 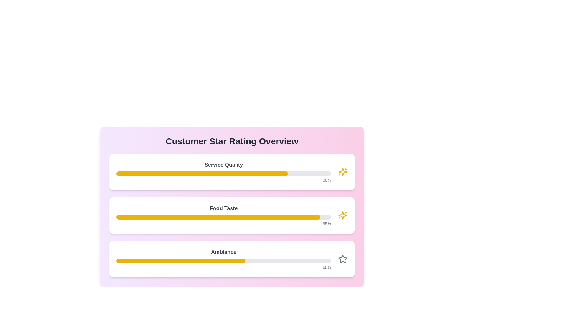 I want to click on the yellow progress indicator bar representing 60% progress for the 'Ambiance' rating in the overview panel, so click(x=180, y=261).